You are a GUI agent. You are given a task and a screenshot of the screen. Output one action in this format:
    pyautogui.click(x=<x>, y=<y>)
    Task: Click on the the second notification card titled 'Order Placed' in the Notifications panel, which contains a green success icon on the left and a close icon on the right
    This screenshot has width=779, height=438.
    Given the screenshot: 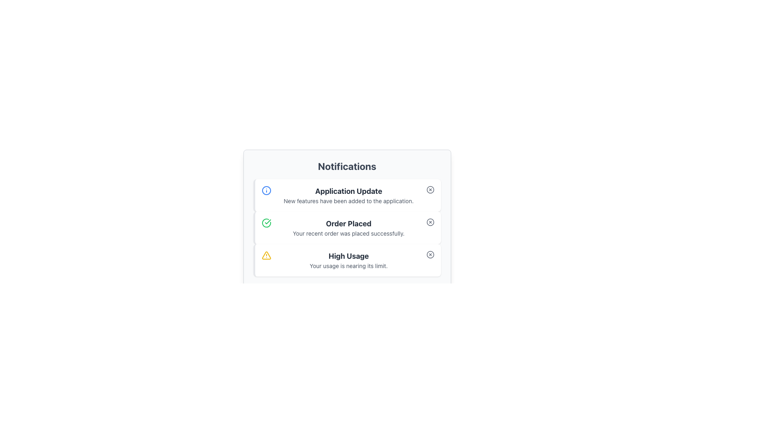 What is the action you would take?
    pyautogui.click(x=347, y=228)
    